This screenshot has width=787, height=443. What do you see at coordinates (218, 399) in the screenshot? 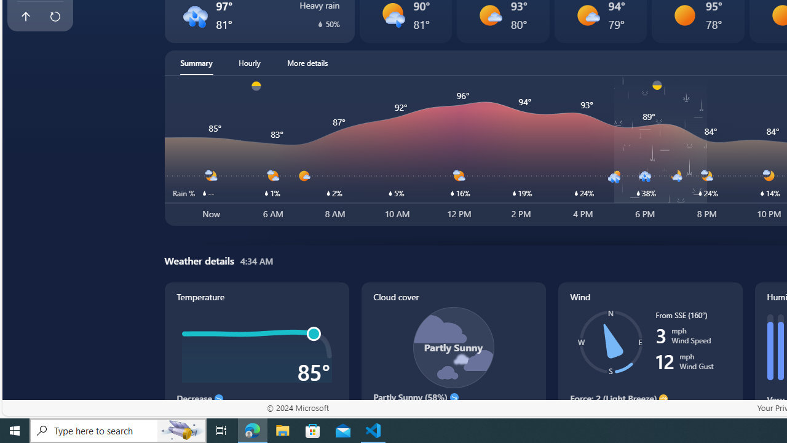
I see `'Decrease'` at bounding box center [218, 399].